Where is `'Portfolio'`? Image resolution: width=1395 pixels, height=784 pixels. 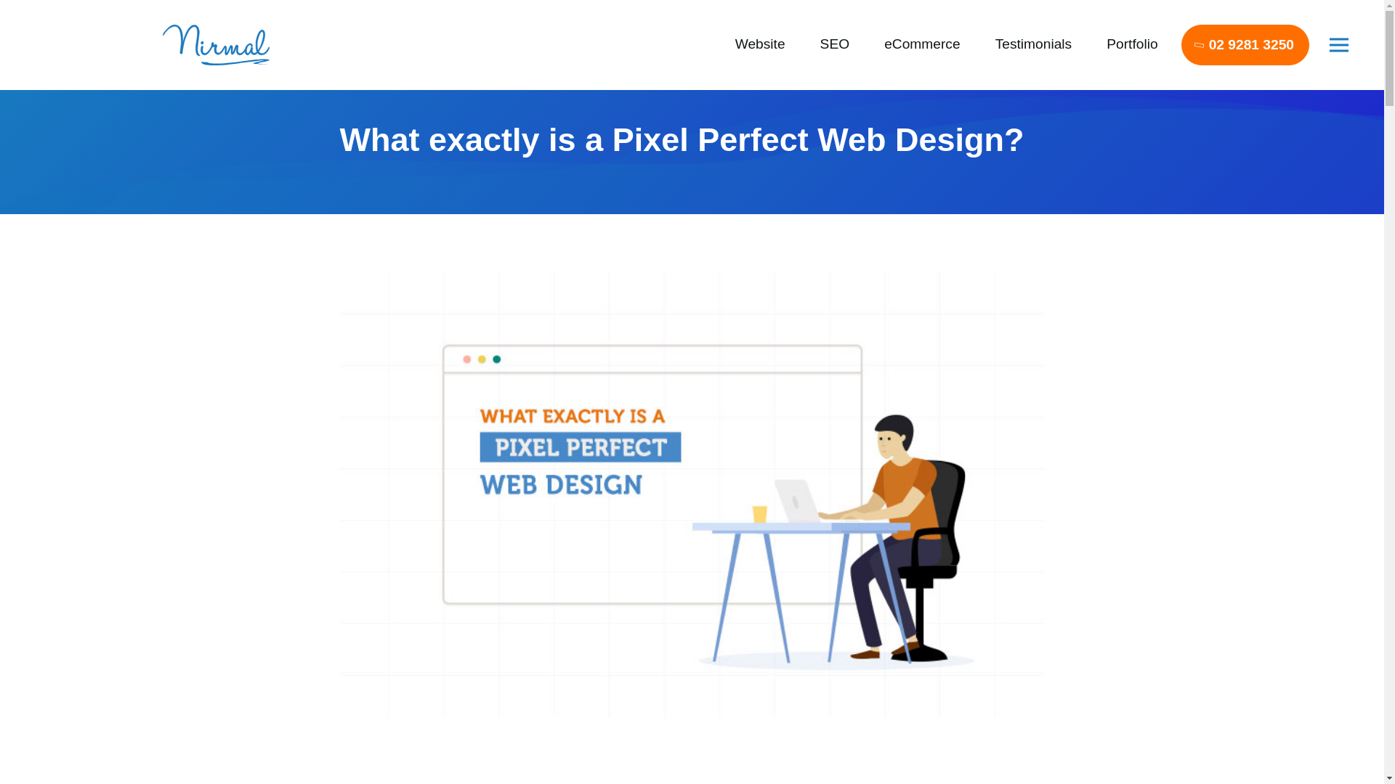 'Portfolio' is located at coordinates (1131, 44).